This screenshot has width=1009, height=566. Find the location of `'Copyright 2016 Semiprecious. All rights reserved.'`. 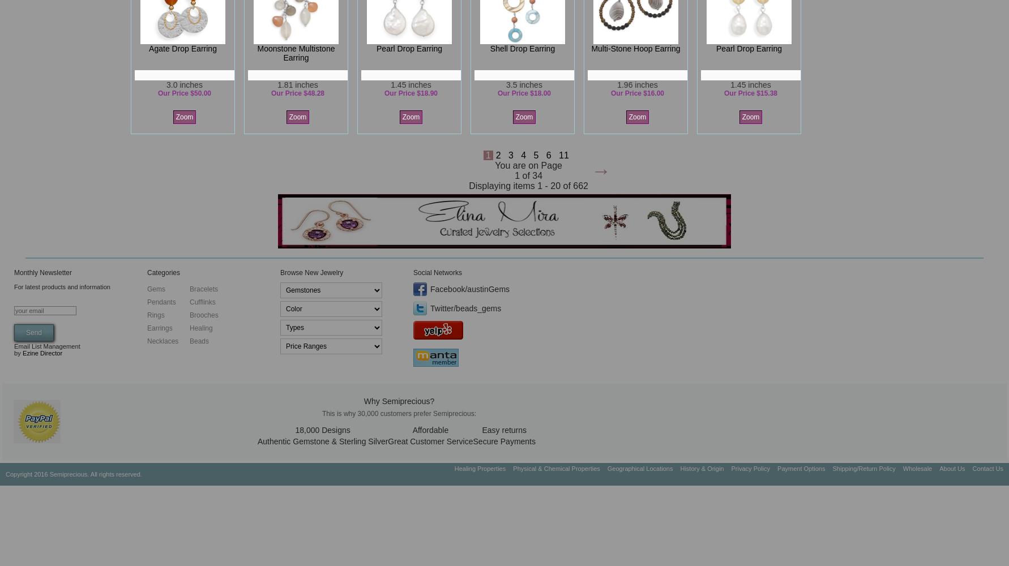

'Copyright 2016 Semiprecious. All rights reserved.' is located at coordinates (5, 474).